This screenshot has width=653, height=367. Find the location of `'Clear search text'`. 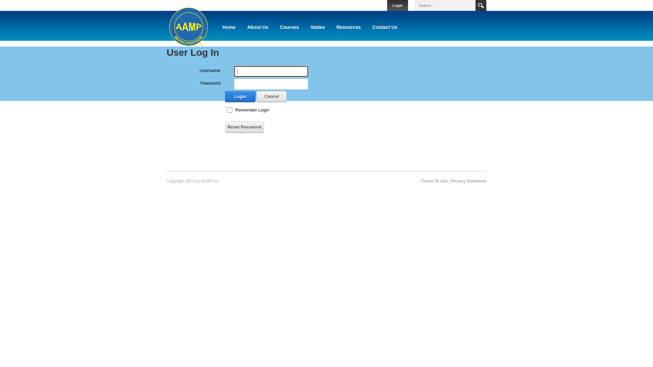

'Clear search text' is located at coordinates (466, 5).